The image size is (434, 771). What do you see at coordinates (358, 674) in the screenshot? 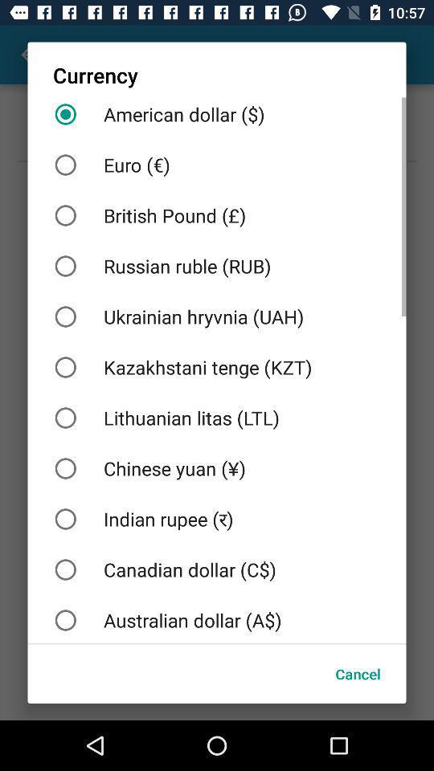
I see `cancel icon` at bounding box center [358, 674].